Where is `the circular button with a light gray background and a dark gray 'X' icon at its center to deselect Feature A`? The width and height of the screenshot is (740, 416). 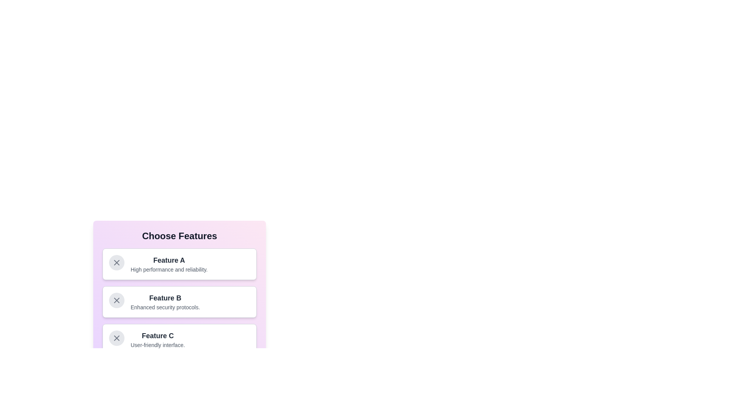
the circular button with a light gray background and a dark gray 'X' icon at its center to deselect Feature A is located at coordinates (116, 262).